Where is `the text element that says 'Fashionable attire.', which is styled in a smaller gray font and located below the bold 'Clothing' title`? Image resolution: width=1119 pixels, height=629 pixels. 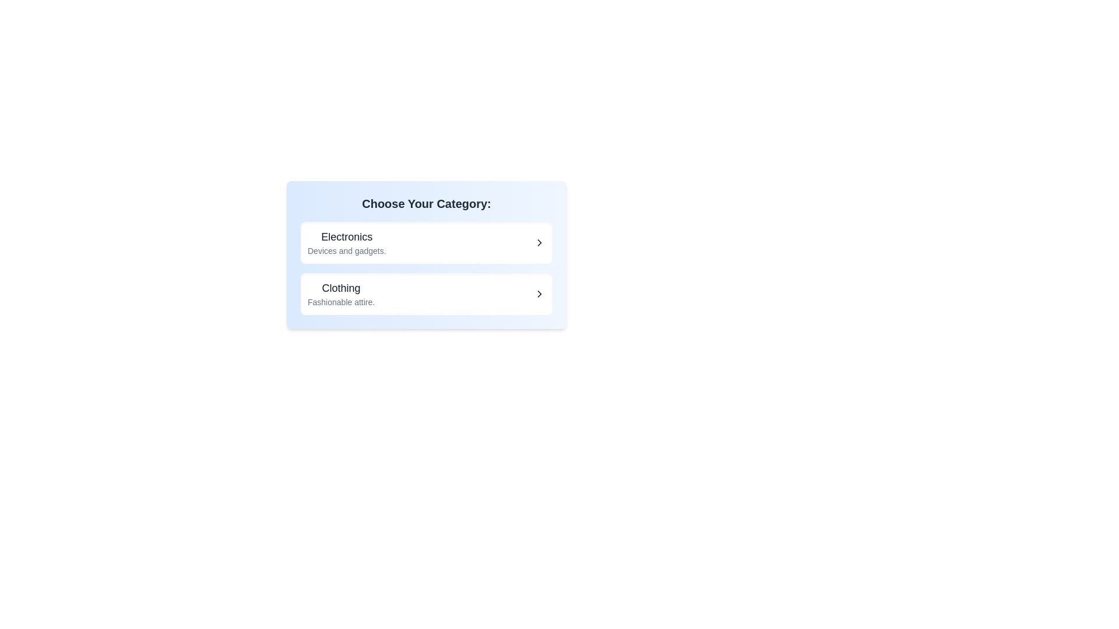 the text element that says 'Fashionable attire.', which is styled in a smaller gray font and located below the bold 'Clothing' title is located at coordinates (340, 302).